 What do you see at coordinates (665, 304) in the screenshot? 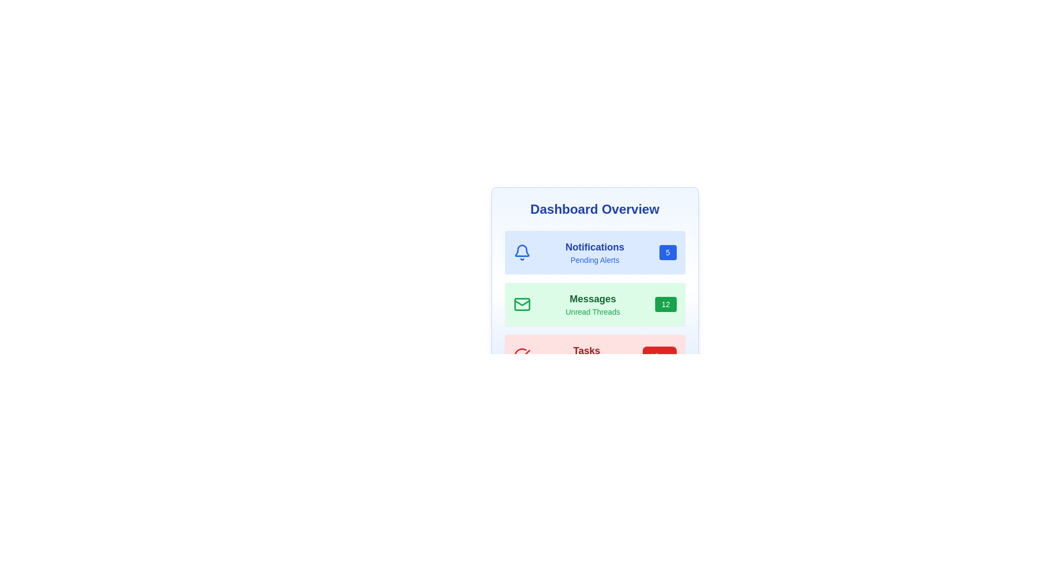
I see `the rectangular badge with a green background containing the number '12' in white, located on the right side of the 'Messages' section in the dashboard view` at bounding box center [665, 304].